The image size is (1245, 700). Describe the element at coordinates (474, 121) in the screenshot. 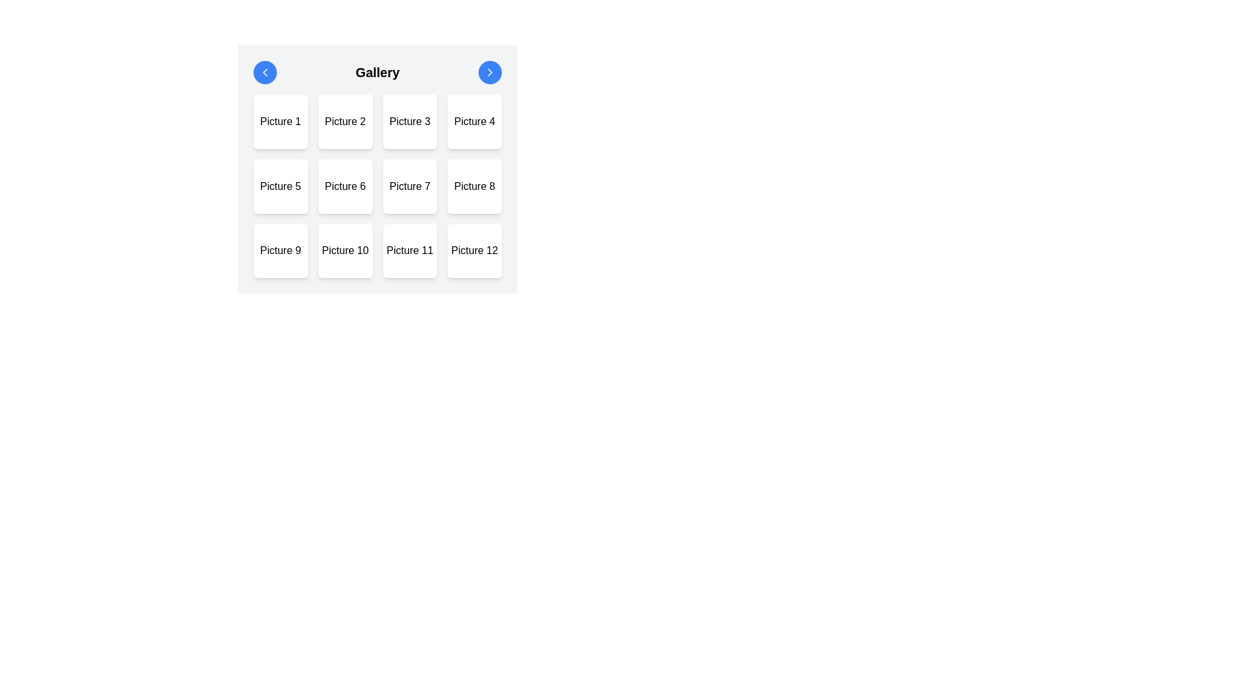

I see `the fourth card in the first row of the grid gallery, which visually represents 'Picture 4', to observe the styling change` at that location.